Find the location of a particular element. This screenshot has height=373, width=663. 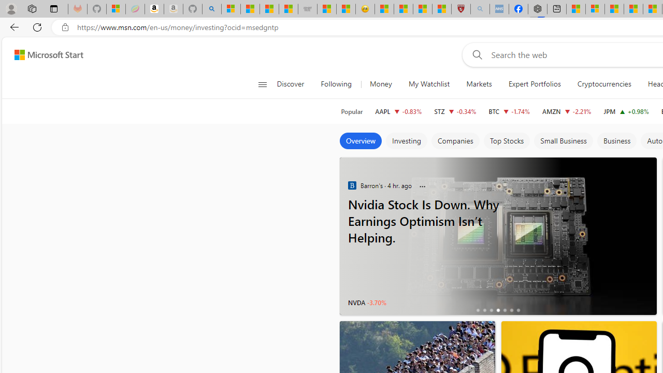

'Top Stocks' is located at coordinates (506, 141).